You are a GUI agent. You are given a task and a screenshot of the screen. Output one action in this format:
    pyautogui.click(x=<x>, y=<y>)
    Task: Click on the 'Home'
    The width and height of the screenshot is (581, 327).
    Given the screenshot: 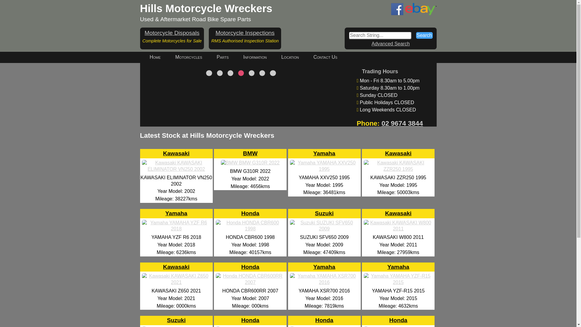 What is the action you would take?
    pyautogui.click(x=142, y=57)
    